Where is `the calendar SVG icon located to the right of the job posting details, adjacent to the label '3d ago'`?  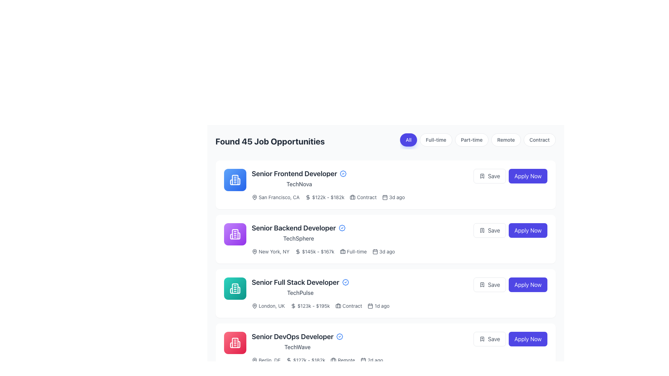
the calendar SVG icon located to the right of the job posting details, adjacent to the label '3d ago' is located at coordinates (384, 197).